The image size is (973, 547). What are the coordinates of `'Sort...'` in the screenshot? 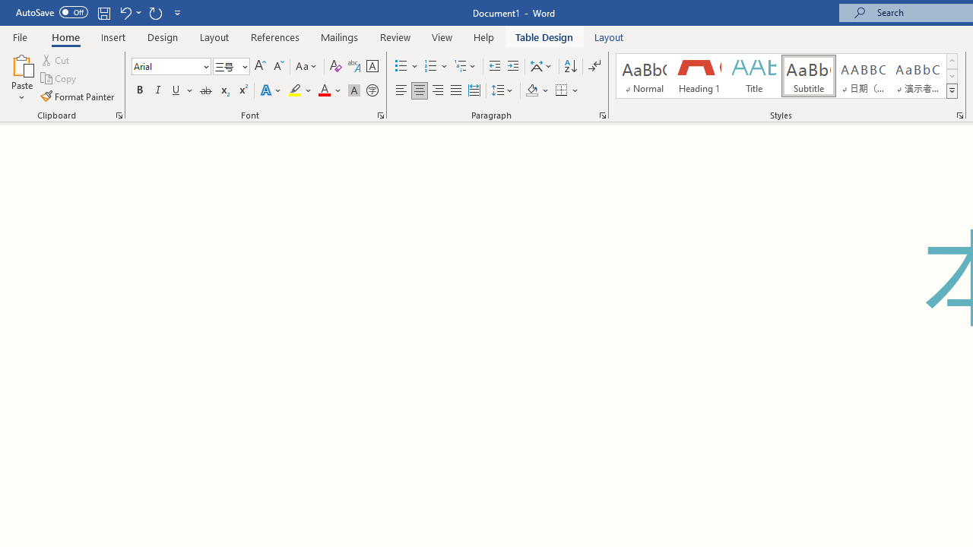 It's located at (569, 65).